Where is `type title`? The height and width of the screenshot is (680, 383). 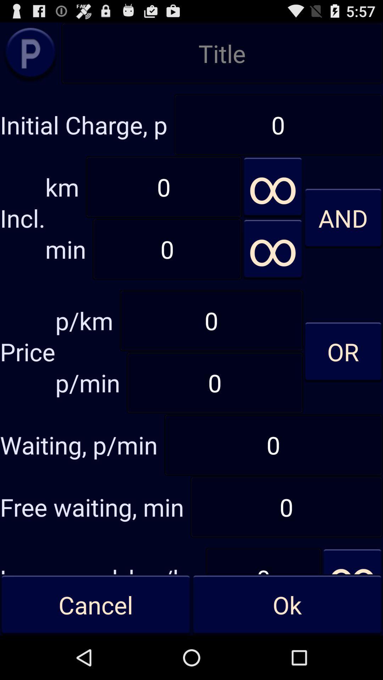
type title is located at coordinates (222, 53).